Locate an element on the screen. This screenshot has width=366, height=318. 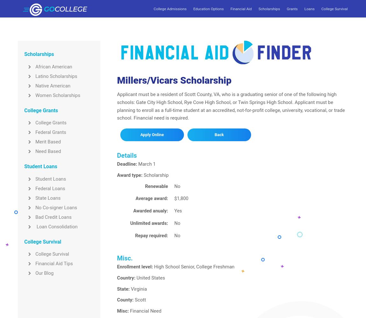
'Enrollment level:' is located at coordinates (135, 266).